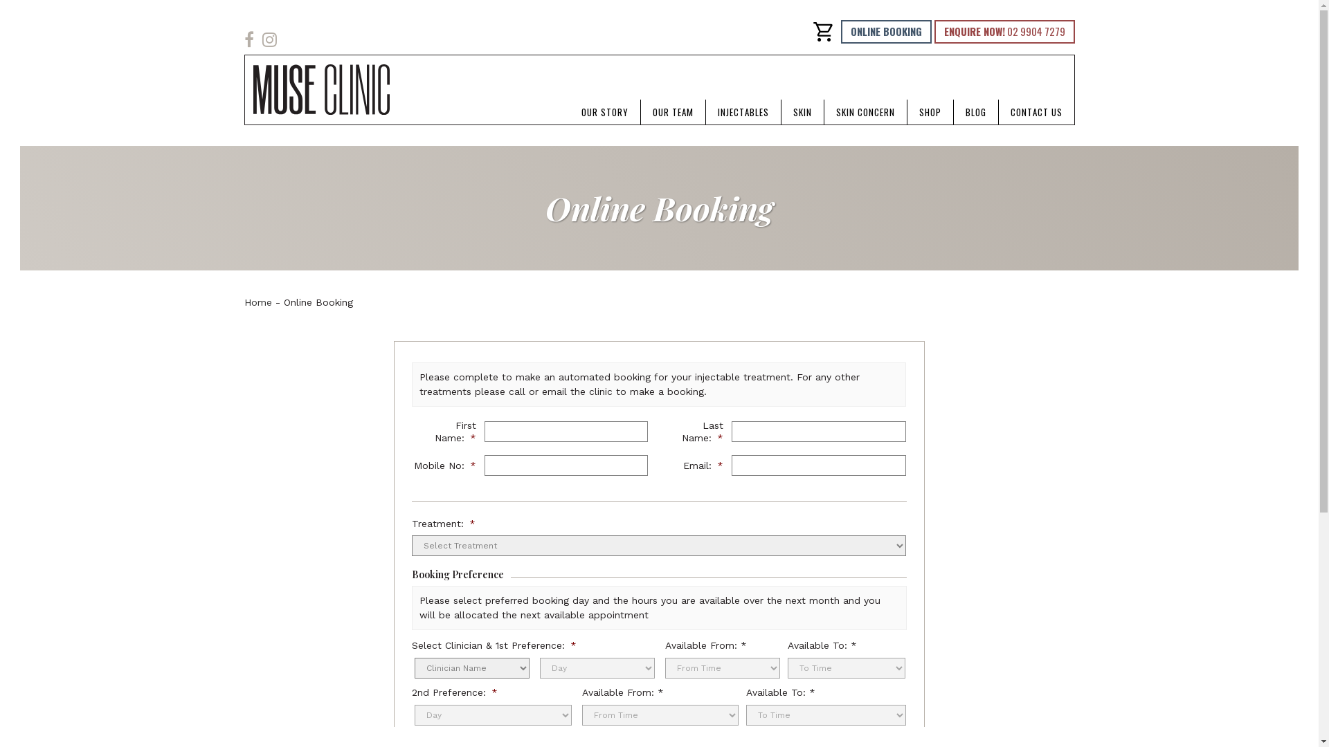 This screenshot has width=1329, height=747. I want to click on 'SHOP', so click(907, 111).